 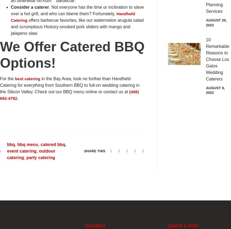 I want to click on 'We Offer Catered BBQ Options!', so click(x=72, y=54).